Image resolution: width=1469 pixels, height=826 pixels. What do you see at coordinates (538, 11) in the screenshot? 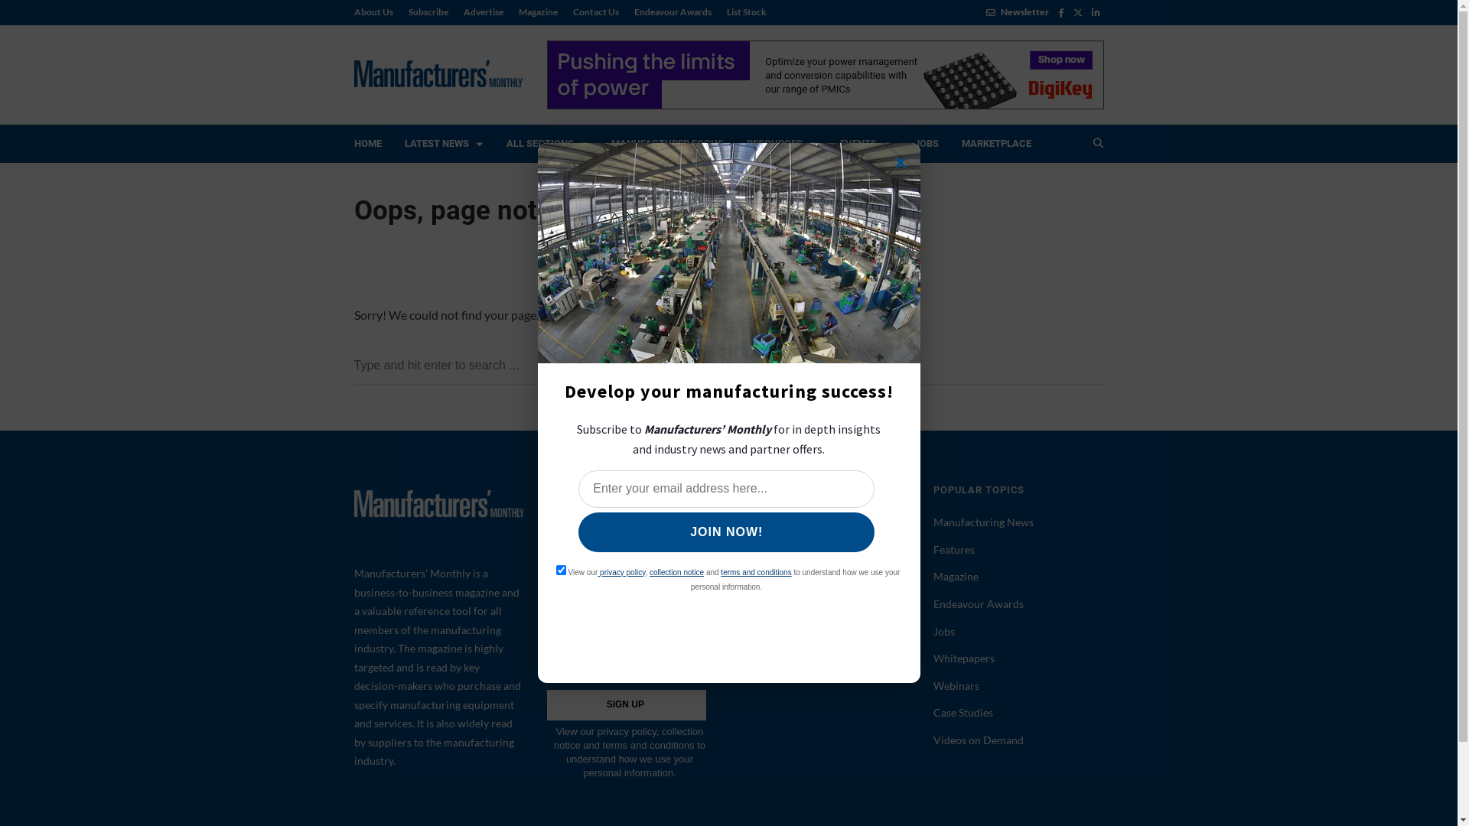
I see `'Magazine'` at bounding box center [538, 11].